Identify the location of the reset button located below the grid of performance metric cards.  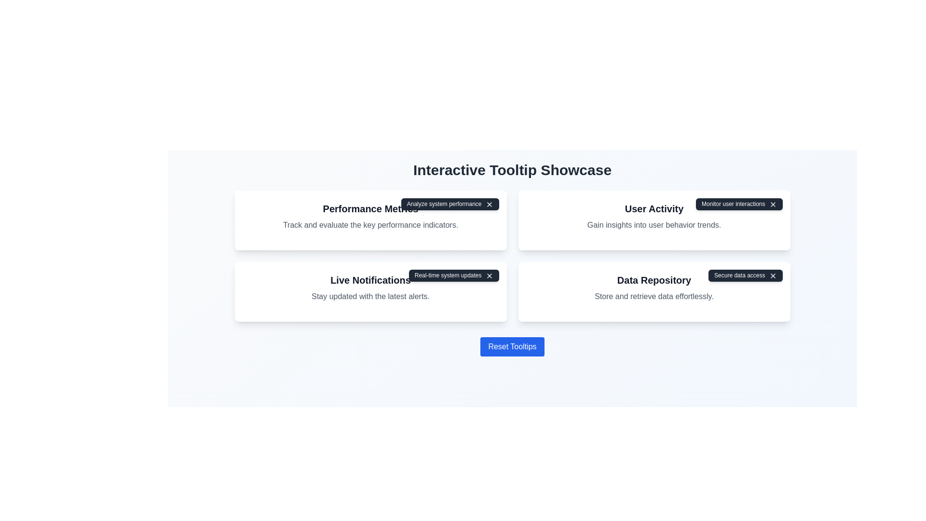
(512, 346).